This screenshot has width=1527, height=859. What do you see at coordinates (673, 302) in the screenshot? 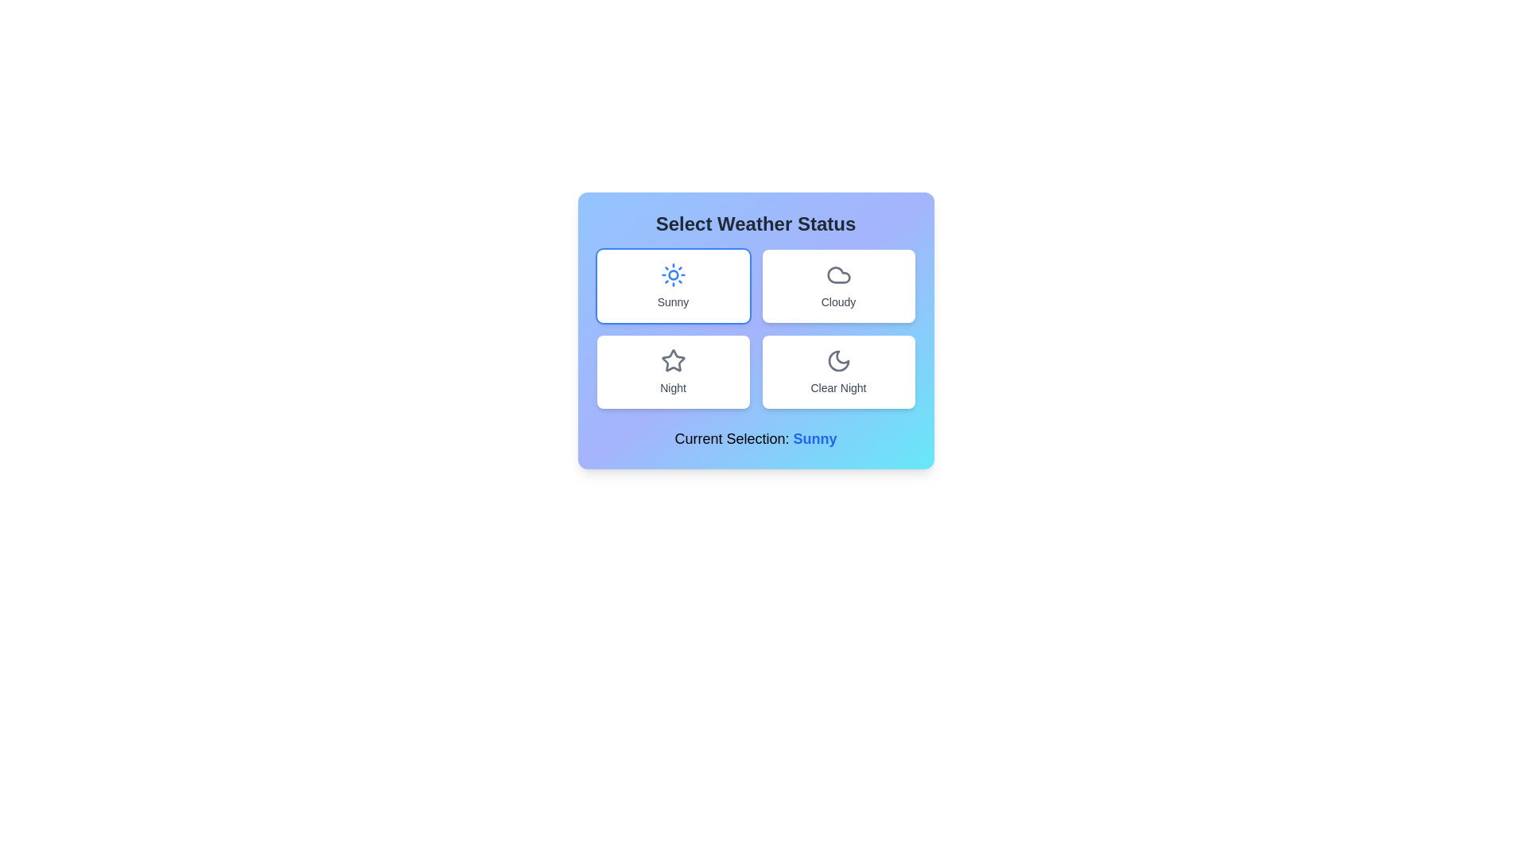
I see `text content of the label displaying 'Sunny' in gray color, positioned below the sun icon in the weather selection interface` at bounding box center [673, 302].